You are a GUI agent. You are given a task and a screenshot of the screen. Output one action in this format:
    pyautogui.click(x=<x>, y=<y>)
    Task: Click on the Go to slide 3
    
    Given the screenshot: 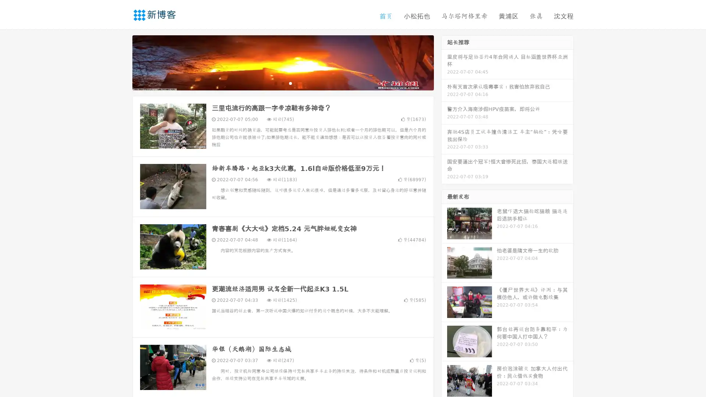 What is the action you would take?
    pyautogui.click(x=290, y=83)
    